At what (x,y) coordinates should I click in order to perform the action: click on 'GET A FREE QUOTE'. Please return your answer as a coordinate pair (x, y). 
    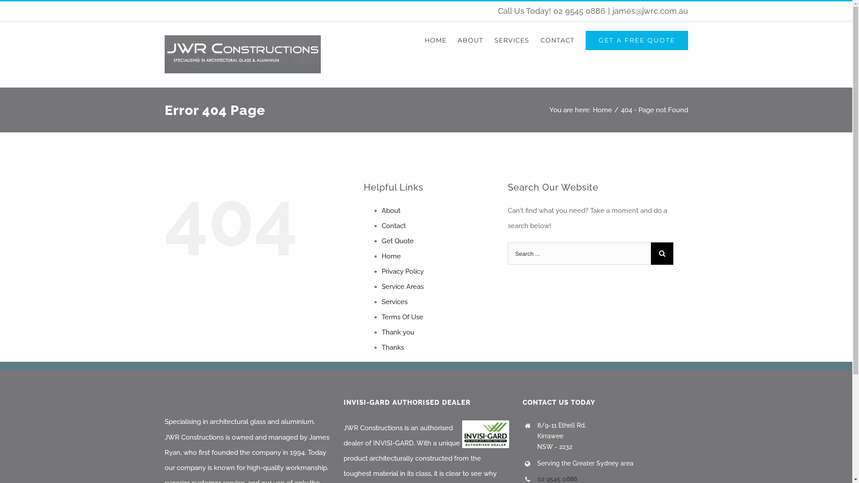
    Looking at the image, I should click on (636, 39).